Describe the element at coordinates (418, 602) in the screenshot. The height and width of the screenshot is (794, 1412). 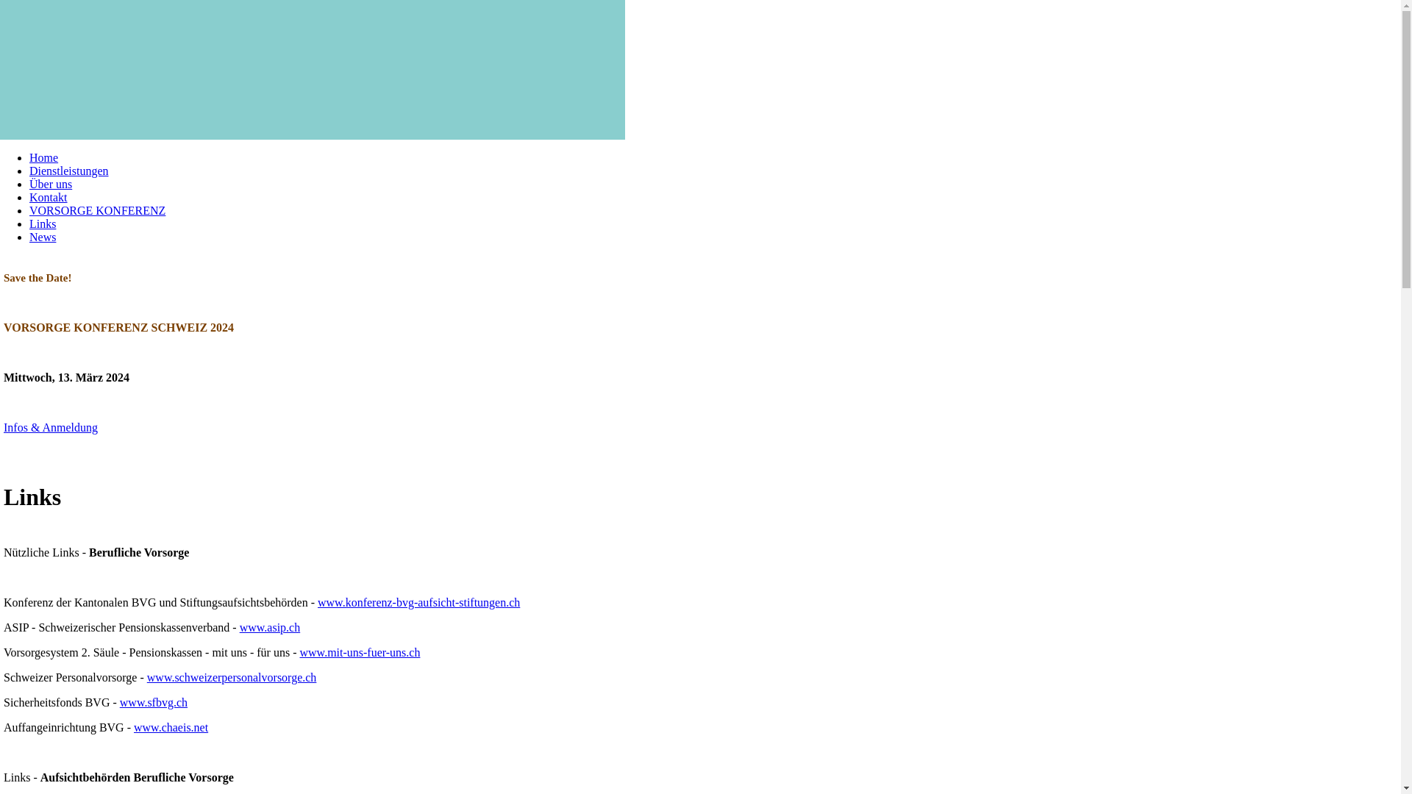
I see `'www.konferenz-bvg-aufsicht-stiftungen.ch'` at that location.